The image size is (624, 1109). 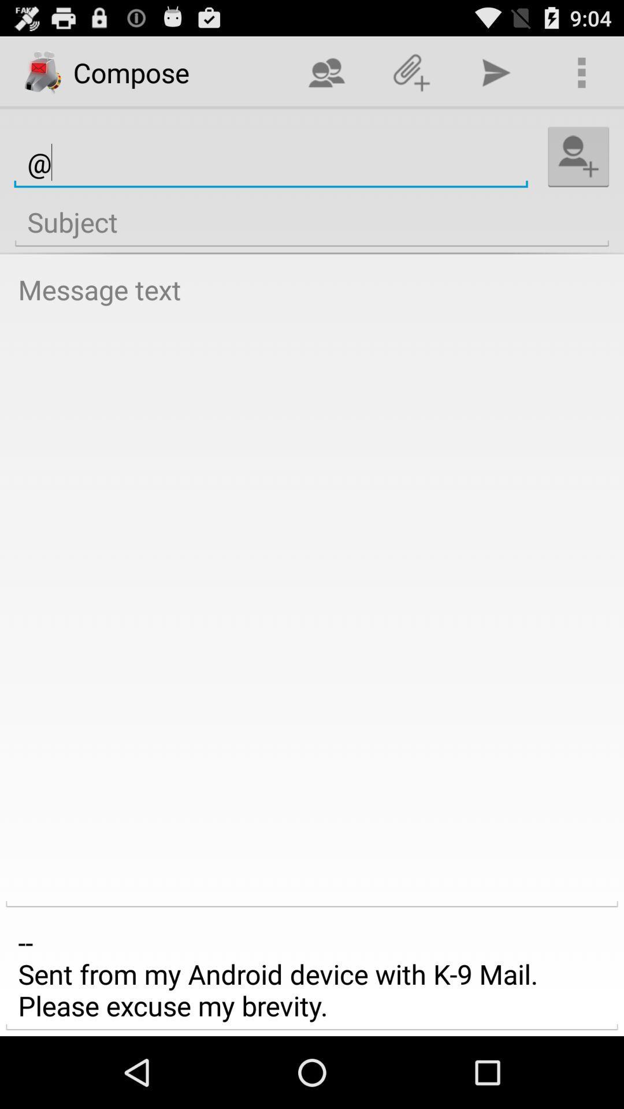 I want to click on open text box, so click(x=312, y=586).